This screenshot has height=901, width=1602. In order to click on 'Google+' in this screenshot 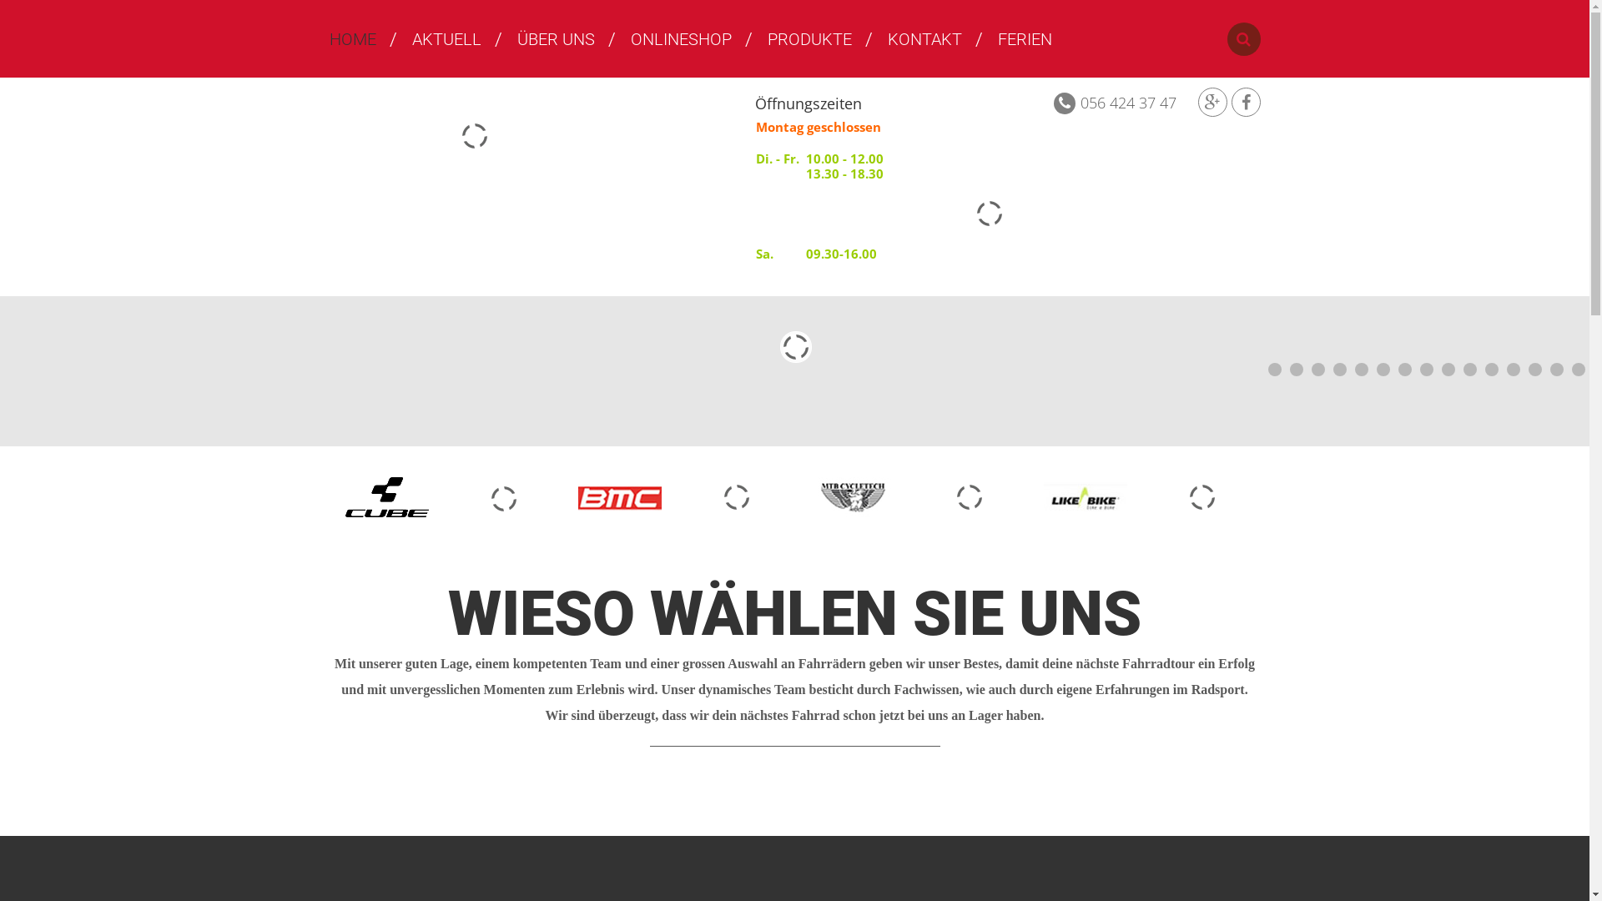, I will do `click(1212, 102)`.